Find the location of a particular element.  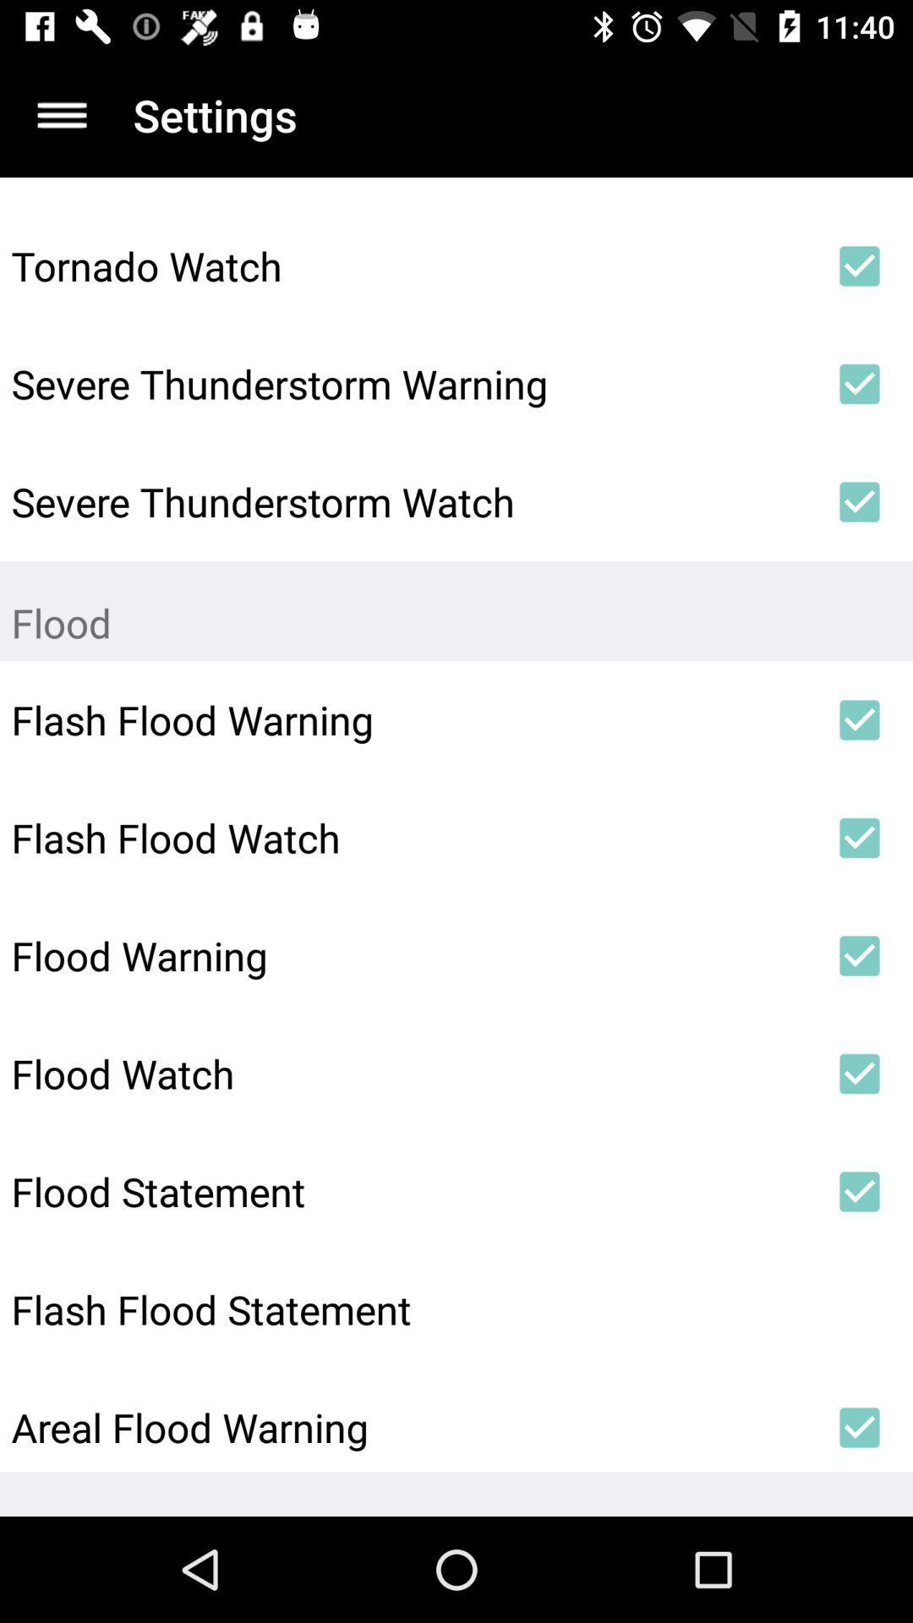

app next to settings icon is located at coordinates (61, 114).